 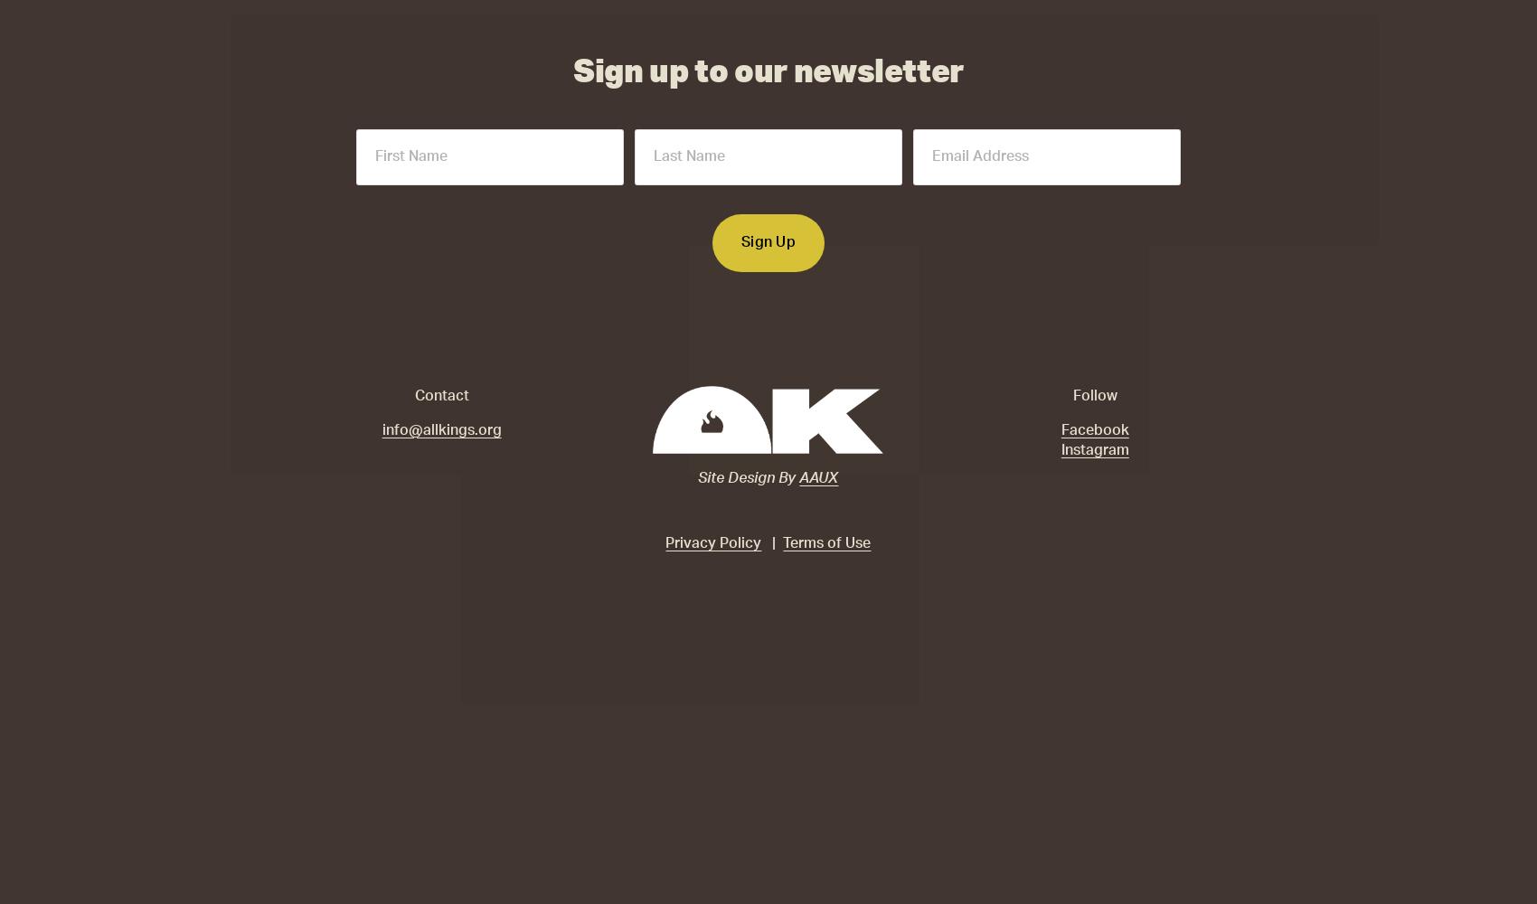 I want to click on 'Instagram', so click(x=1093, y=449).